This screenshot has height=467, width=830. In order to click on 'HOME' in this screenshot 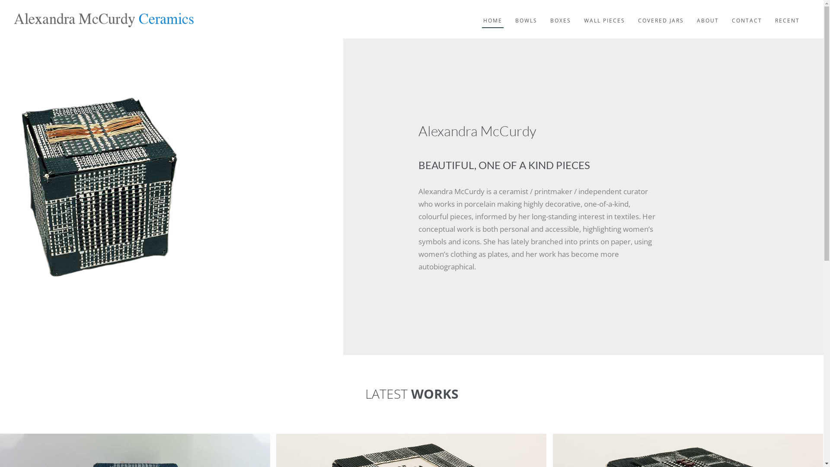, I will do `click(493, 14)`.